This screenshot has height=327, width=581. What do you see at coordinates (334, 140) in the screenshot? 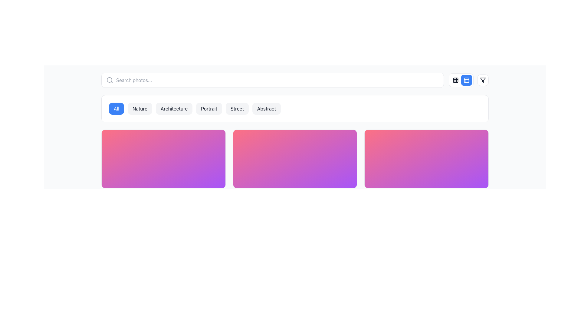
I see `the interactive button in the top-right section of the second card` at bounding box center [334, 140].